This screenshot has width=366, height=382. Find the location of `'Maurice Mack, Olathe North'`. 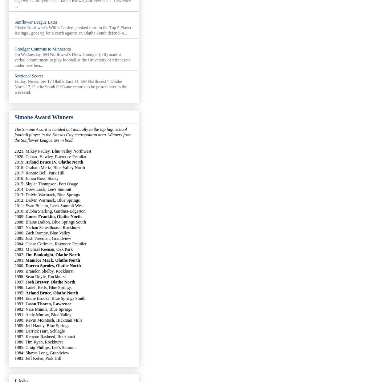

'Maurice Mack, Olathe North' is located at coordinates (52, 260).